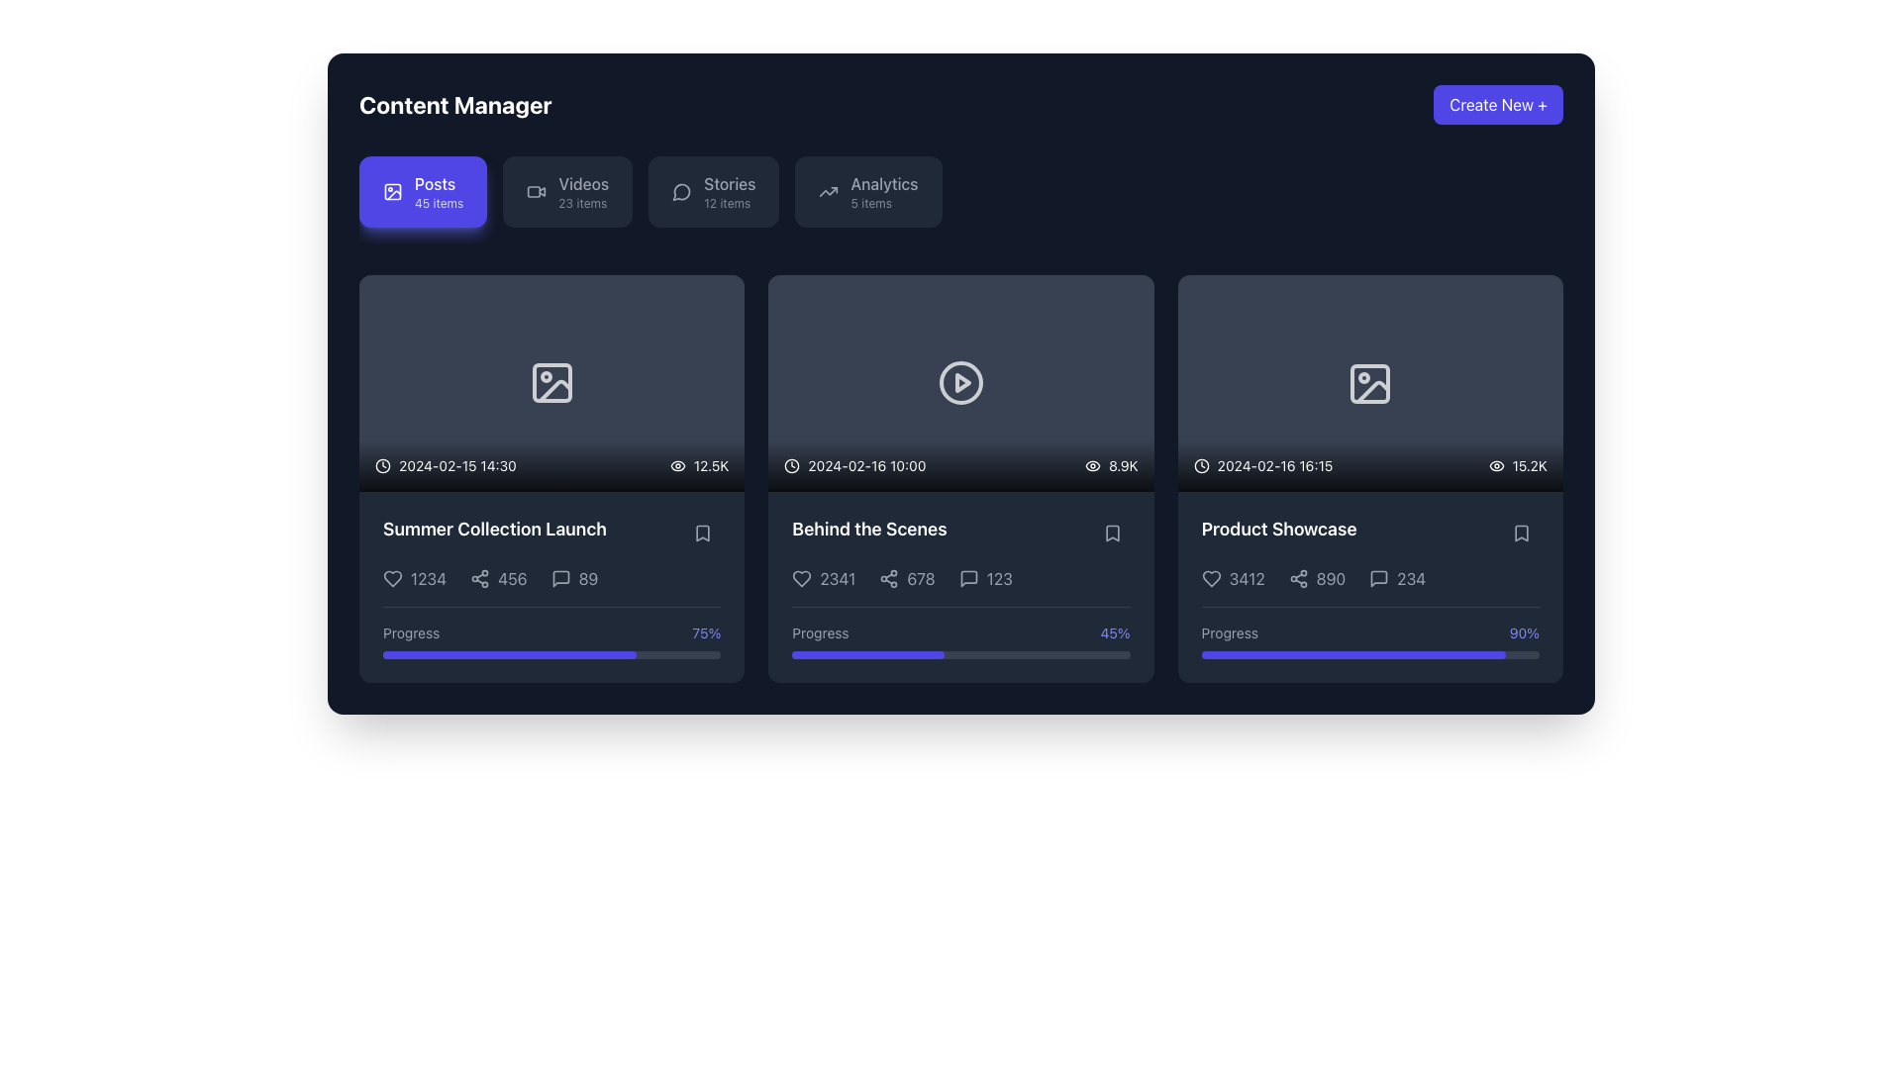  Describe the element at coordinates (456, 465) in the screenshot. I see `the Text label that conveys a specific date and time, located below the image placeholder in the first card of the content grid, adjacent to a clock icon` at that location.